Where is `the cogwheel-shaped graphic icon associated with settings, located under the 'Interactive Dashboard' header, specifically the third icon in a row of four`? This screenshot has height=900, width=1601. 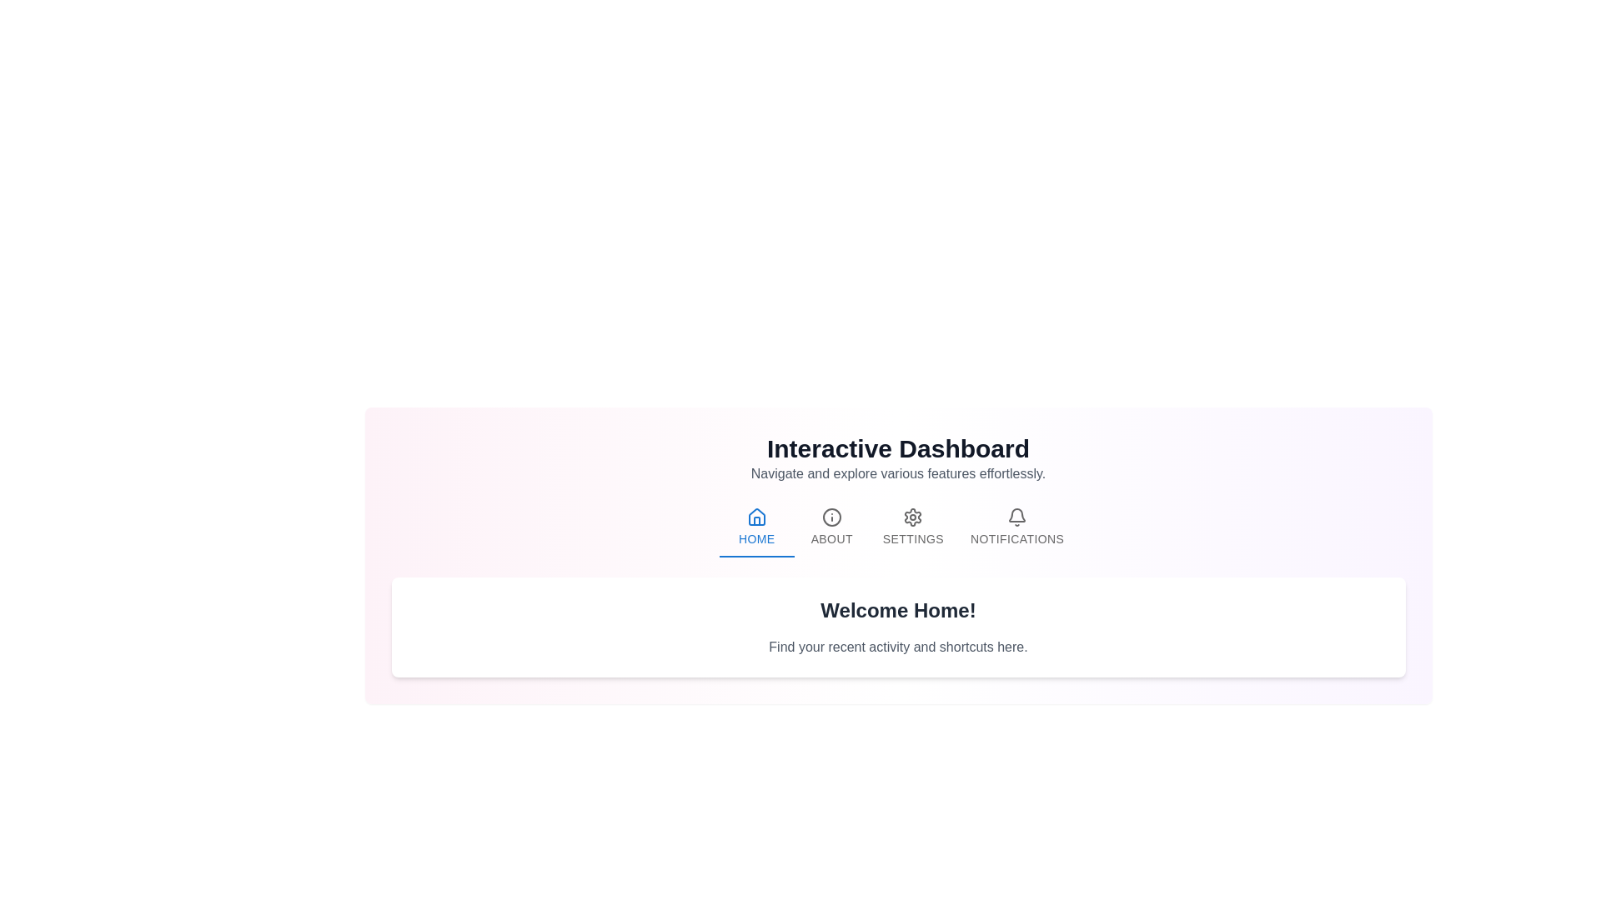
the cogwheel-shaped graphic icon associated with settings, located under the 'Interactive Dashboard' header, specifically the third icon in a row of four is located at coordinates (912, 517).